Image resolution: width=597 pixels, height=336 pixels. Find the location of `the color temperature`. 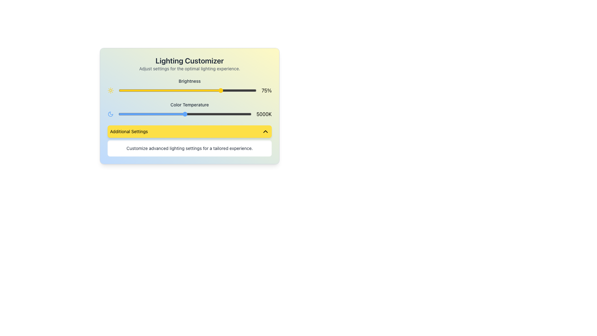

the color temperature is located at coordinates (123, 114).